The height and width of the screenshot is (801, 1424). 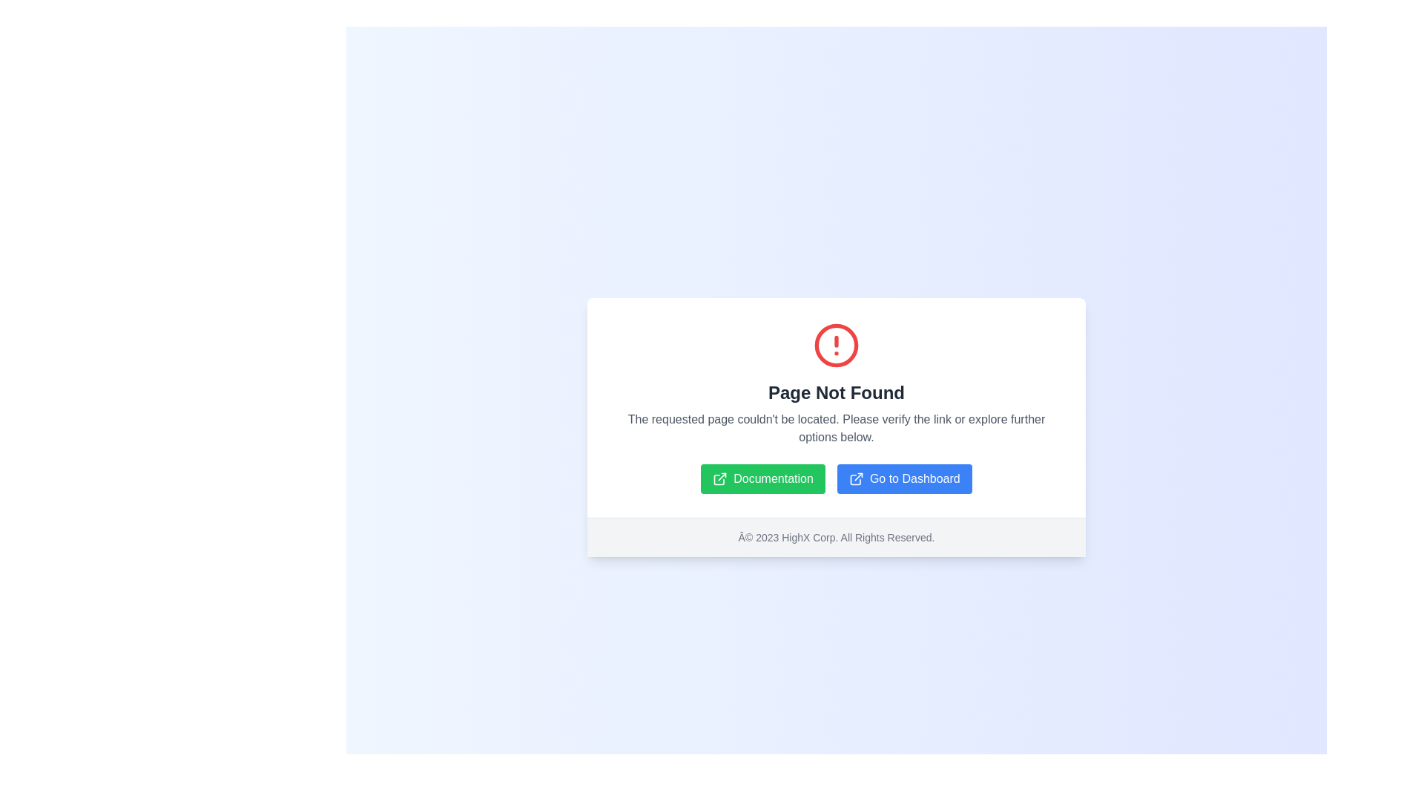 What do you see at coordinates (720, 478) in the screenshot?
I see `the 'Documentation' button that contains the small vector icon of an arrow pointing outward, which is located inside a green rounded rectangle` at bounding box center [720, 478].